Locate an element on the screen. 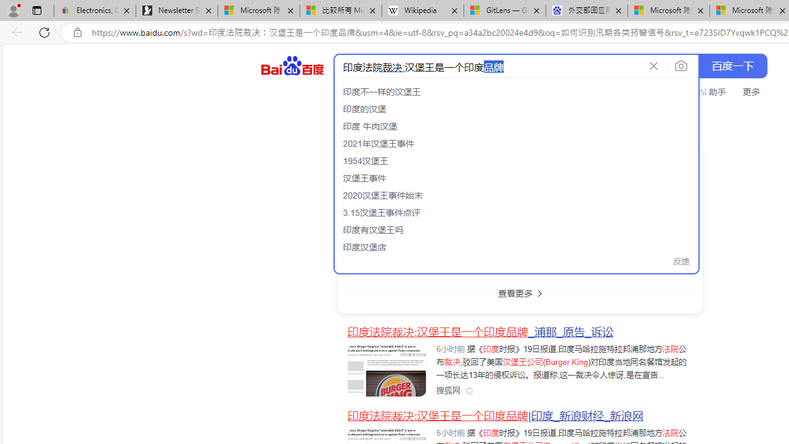 This screenshot has width=789, height=444. 'Class: siteLink_9TPP3' is located at coordinates (448, 390).